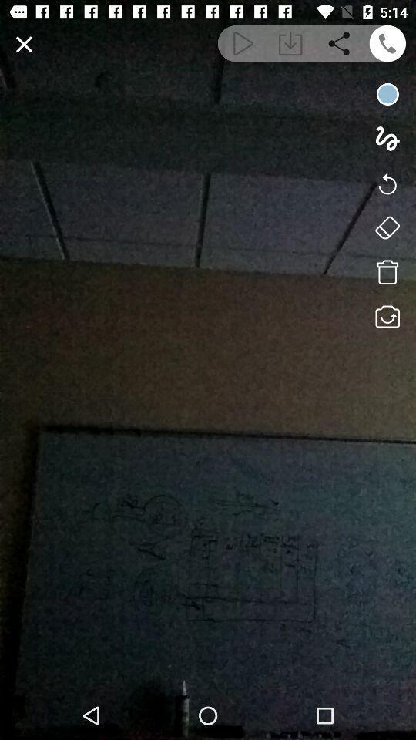 The width and height of the screenshot is (416, 740). I want to click on the close icon, so click(23, 43).